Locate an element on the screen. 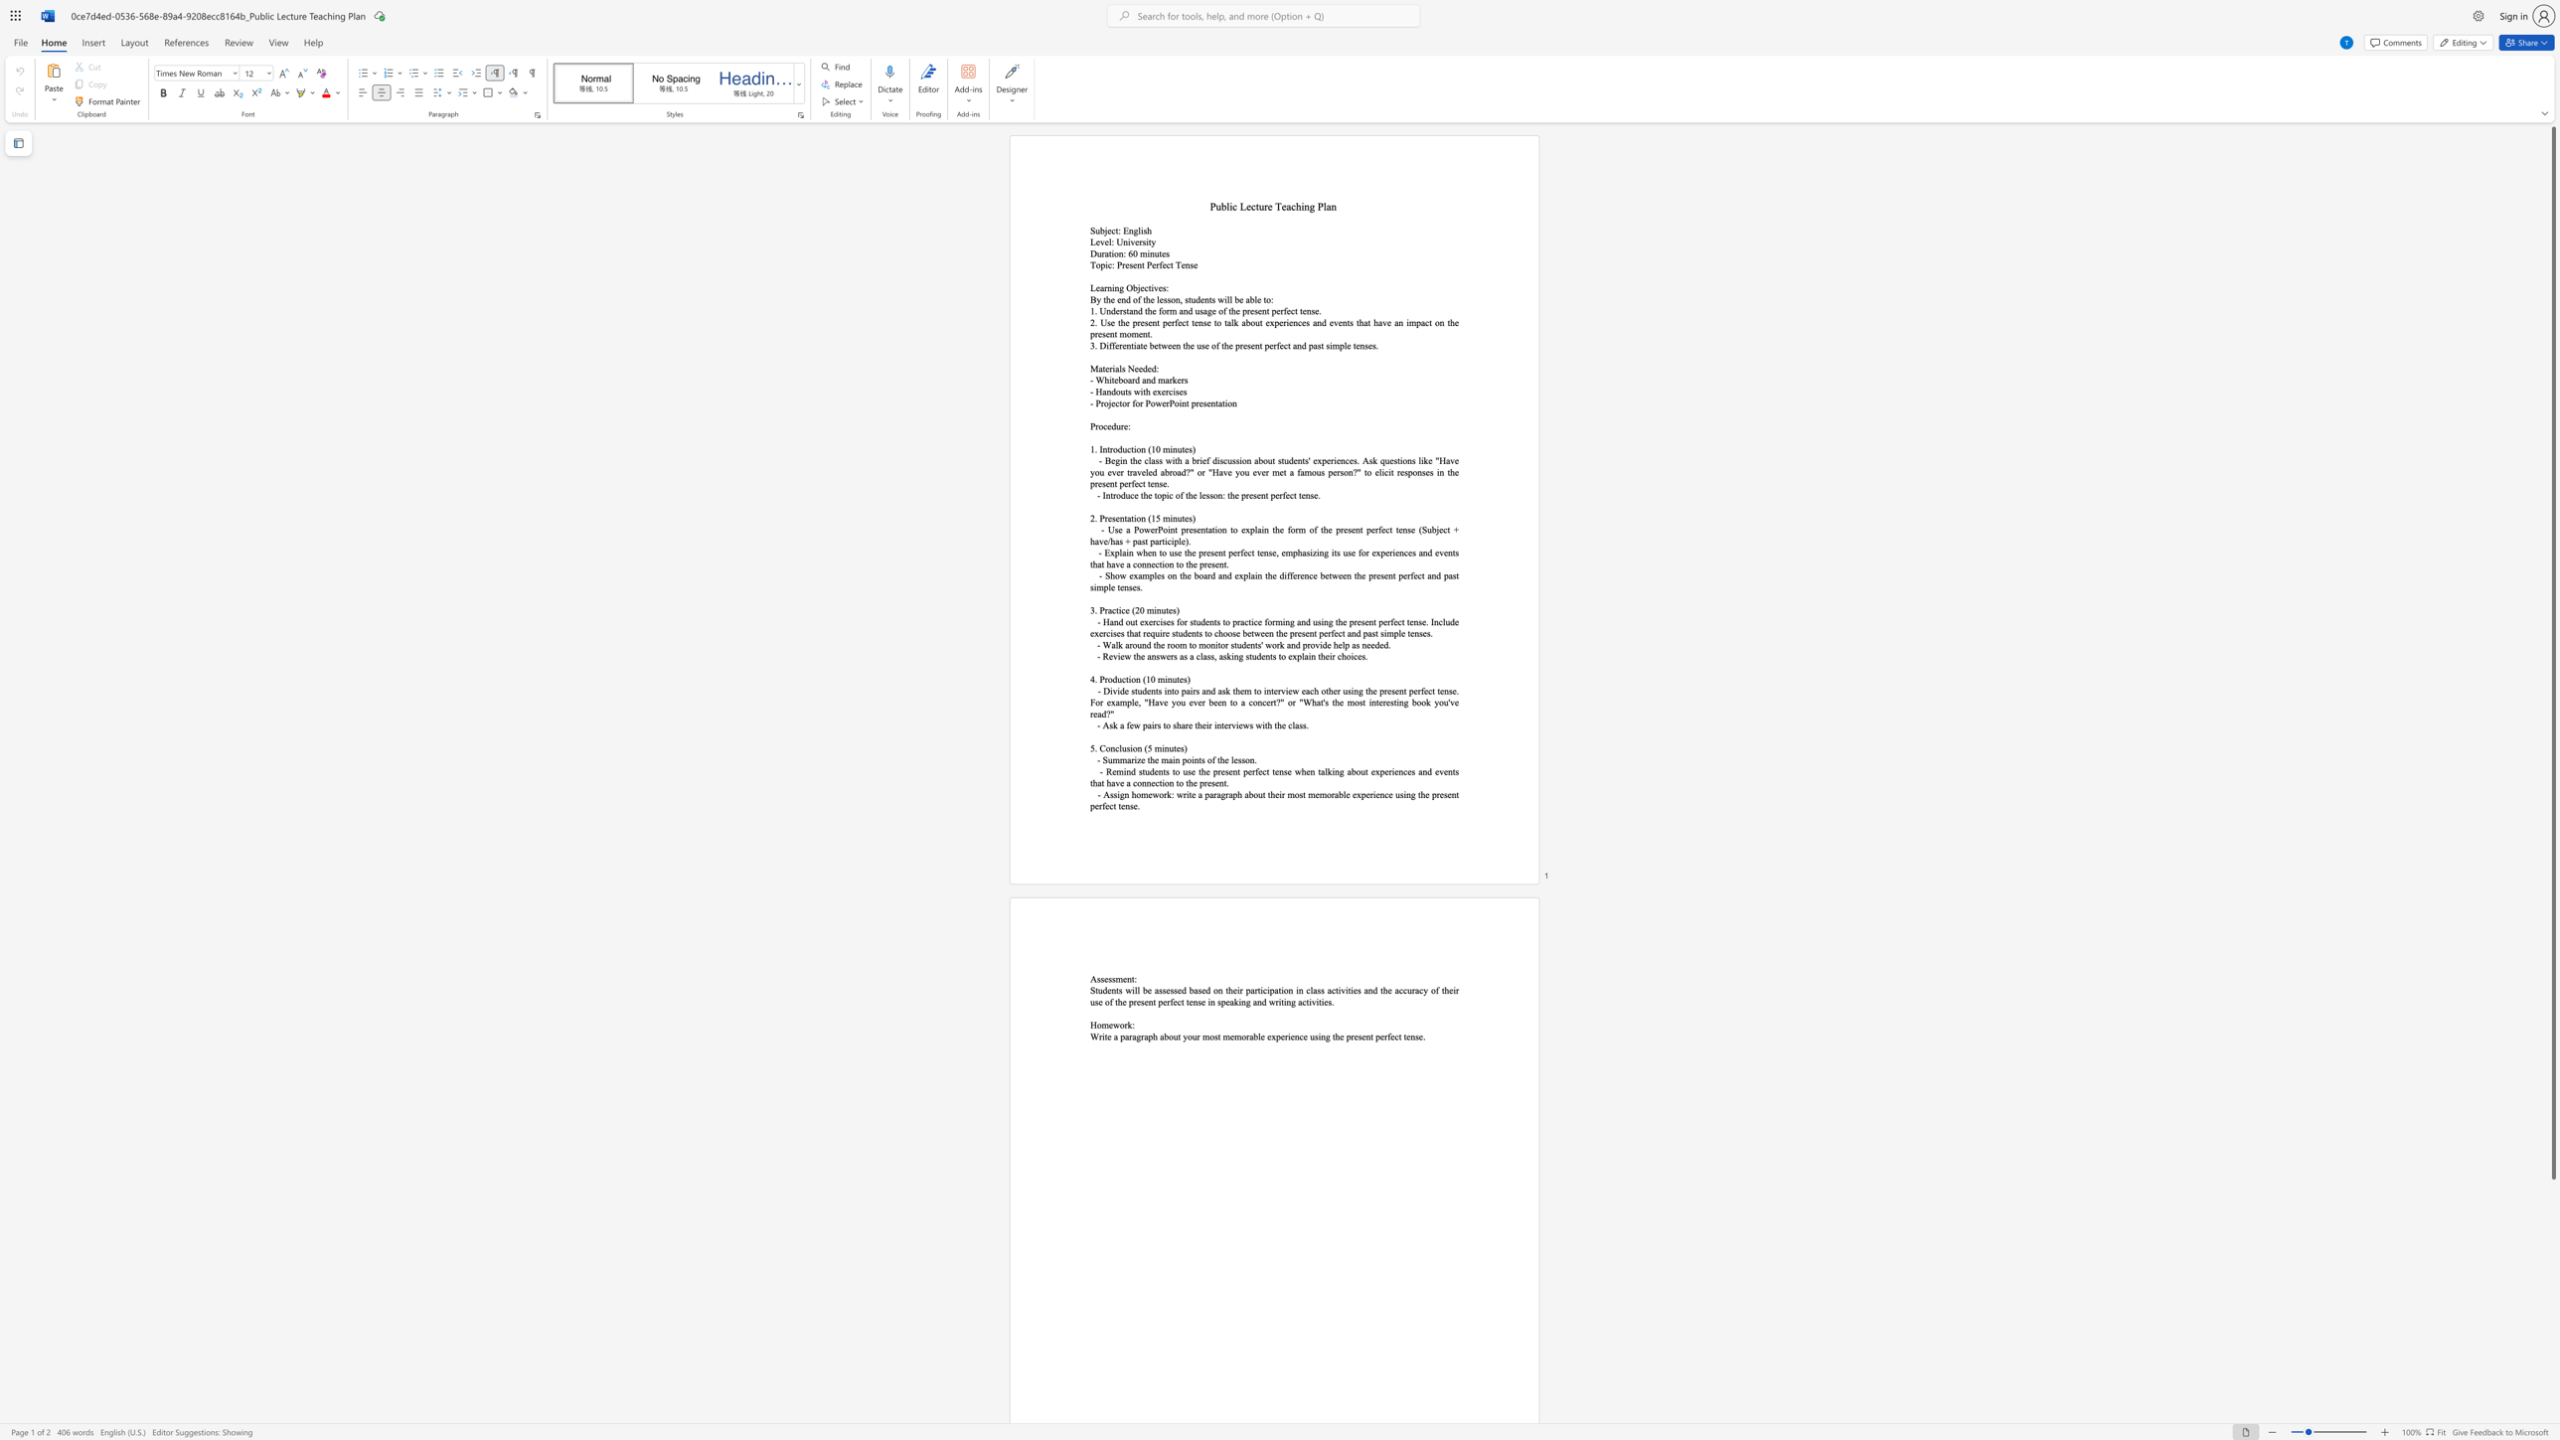  the subset text "oduction (10 minutes)" within the text "1. Introduction (10 minutes)" is located at coordinates (1112, 449).